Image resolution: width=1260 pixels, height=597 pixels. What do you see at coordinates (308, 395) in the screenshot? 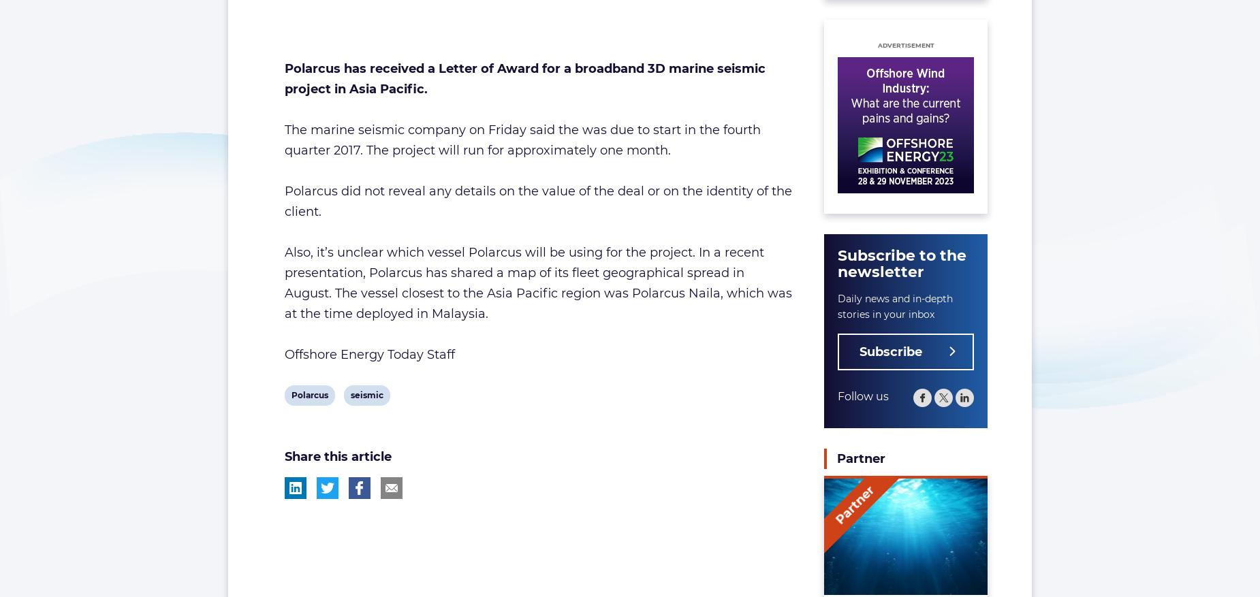
I see `'Polarcus'` at bounding box center [308, 395].